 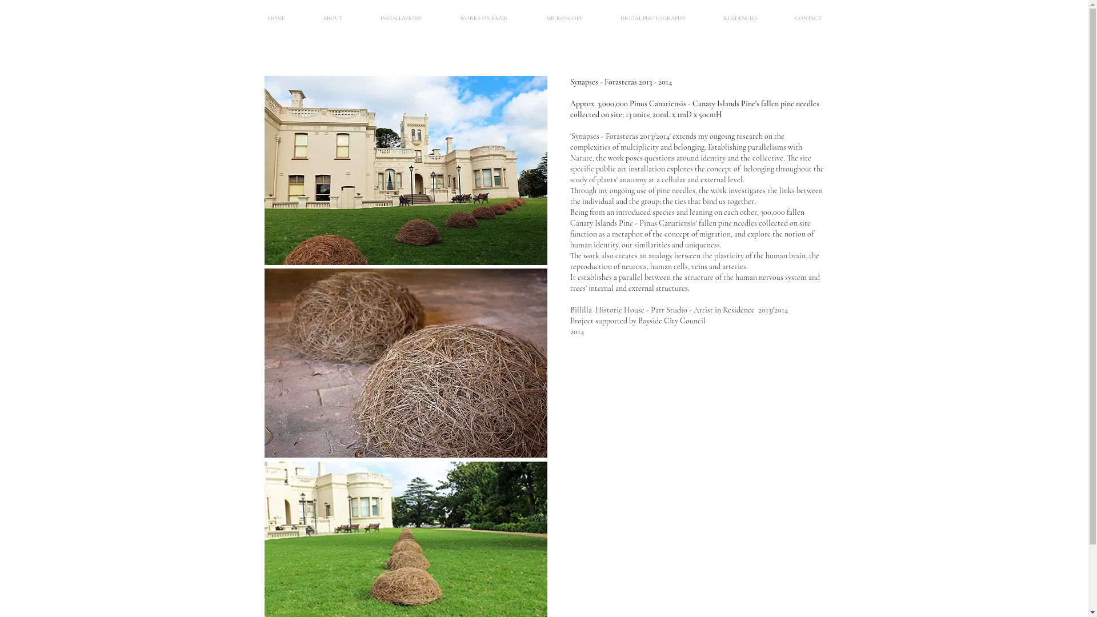 I want to click on 'HOME', so click(x=277, y=18).